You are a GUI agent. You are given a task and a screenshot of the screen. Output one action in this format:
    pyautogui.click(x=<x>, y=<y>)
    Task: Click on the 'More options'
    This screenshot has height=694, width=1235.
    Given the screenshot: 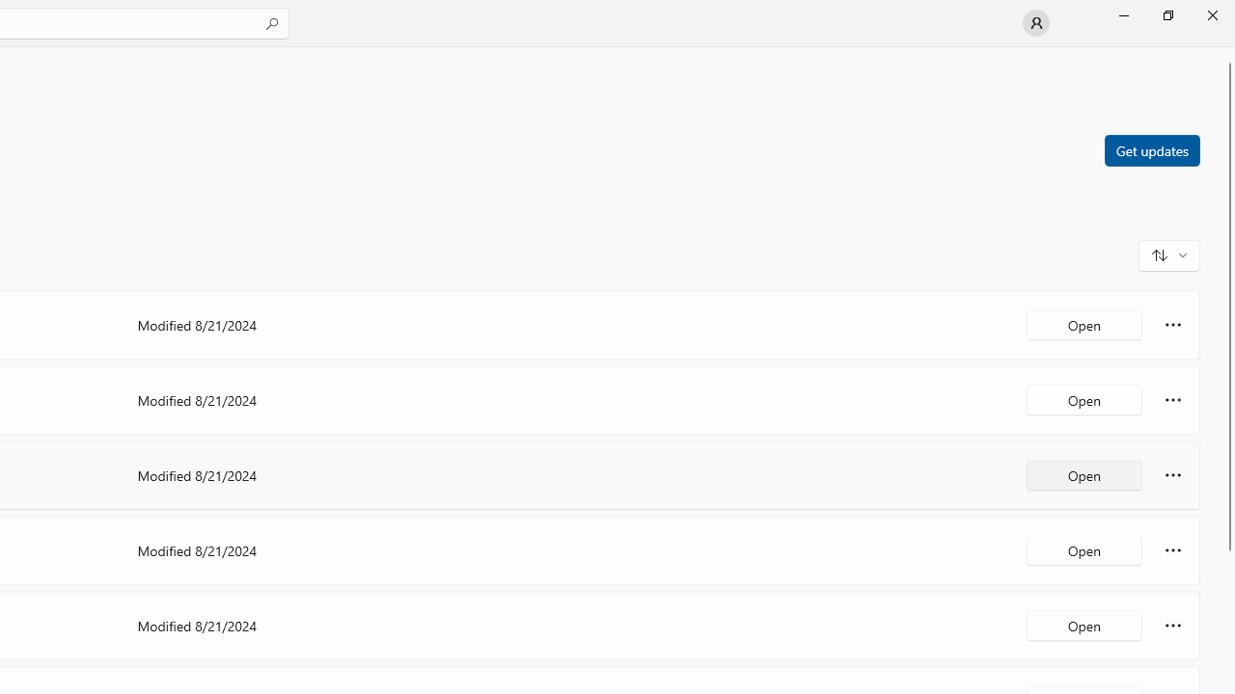 What is the action you would take?
    pyautogui.click(x=1172, y=626)
    